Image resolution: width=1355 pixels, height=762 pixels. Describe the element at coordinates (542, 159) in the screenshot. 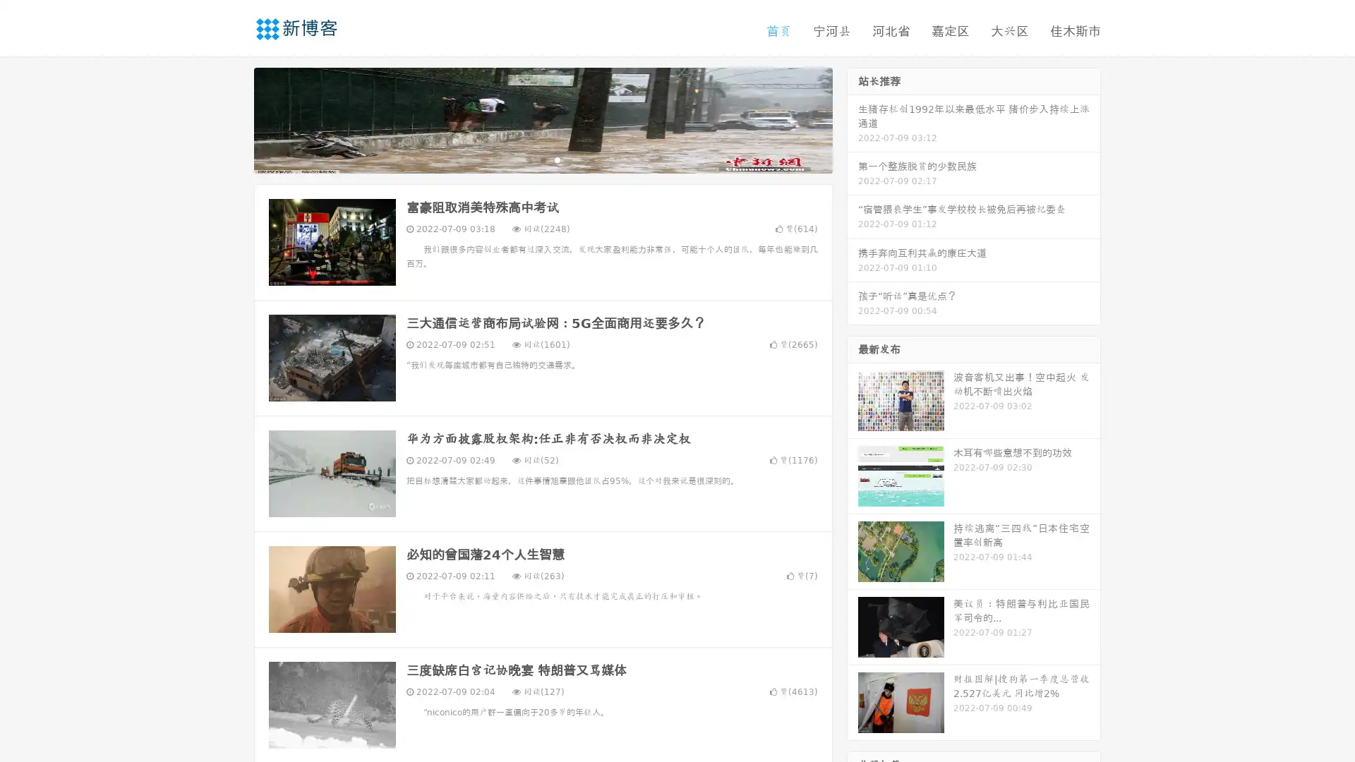

I see `Go to slide 2` at that location.